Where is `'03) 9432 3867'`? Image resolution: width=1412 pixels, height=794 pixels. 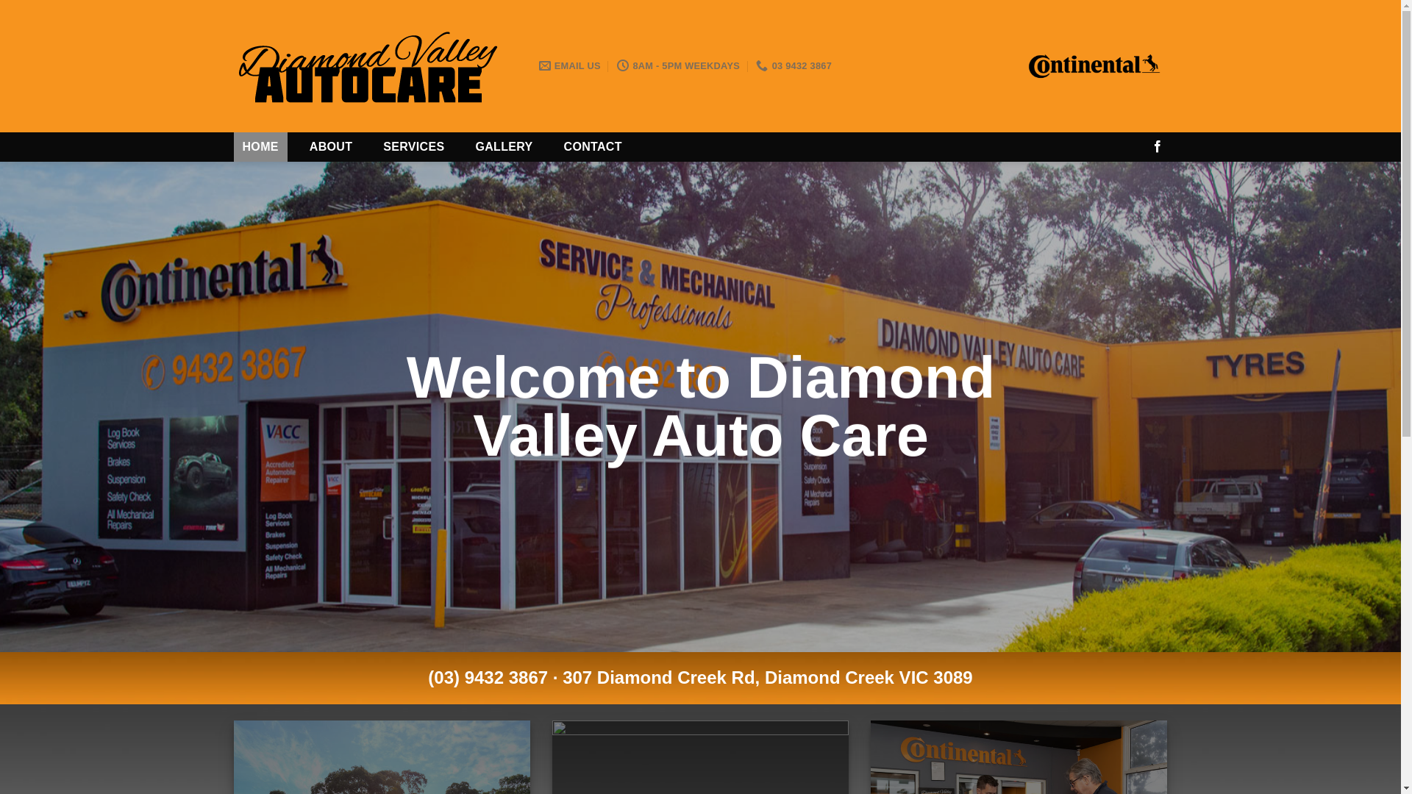 '03) 9432 3867' is located at coordinates (433, 677).